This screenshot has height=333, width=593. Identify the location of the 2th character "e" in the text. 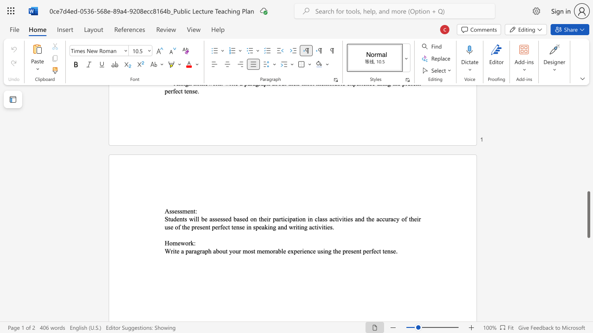
(263, 251).